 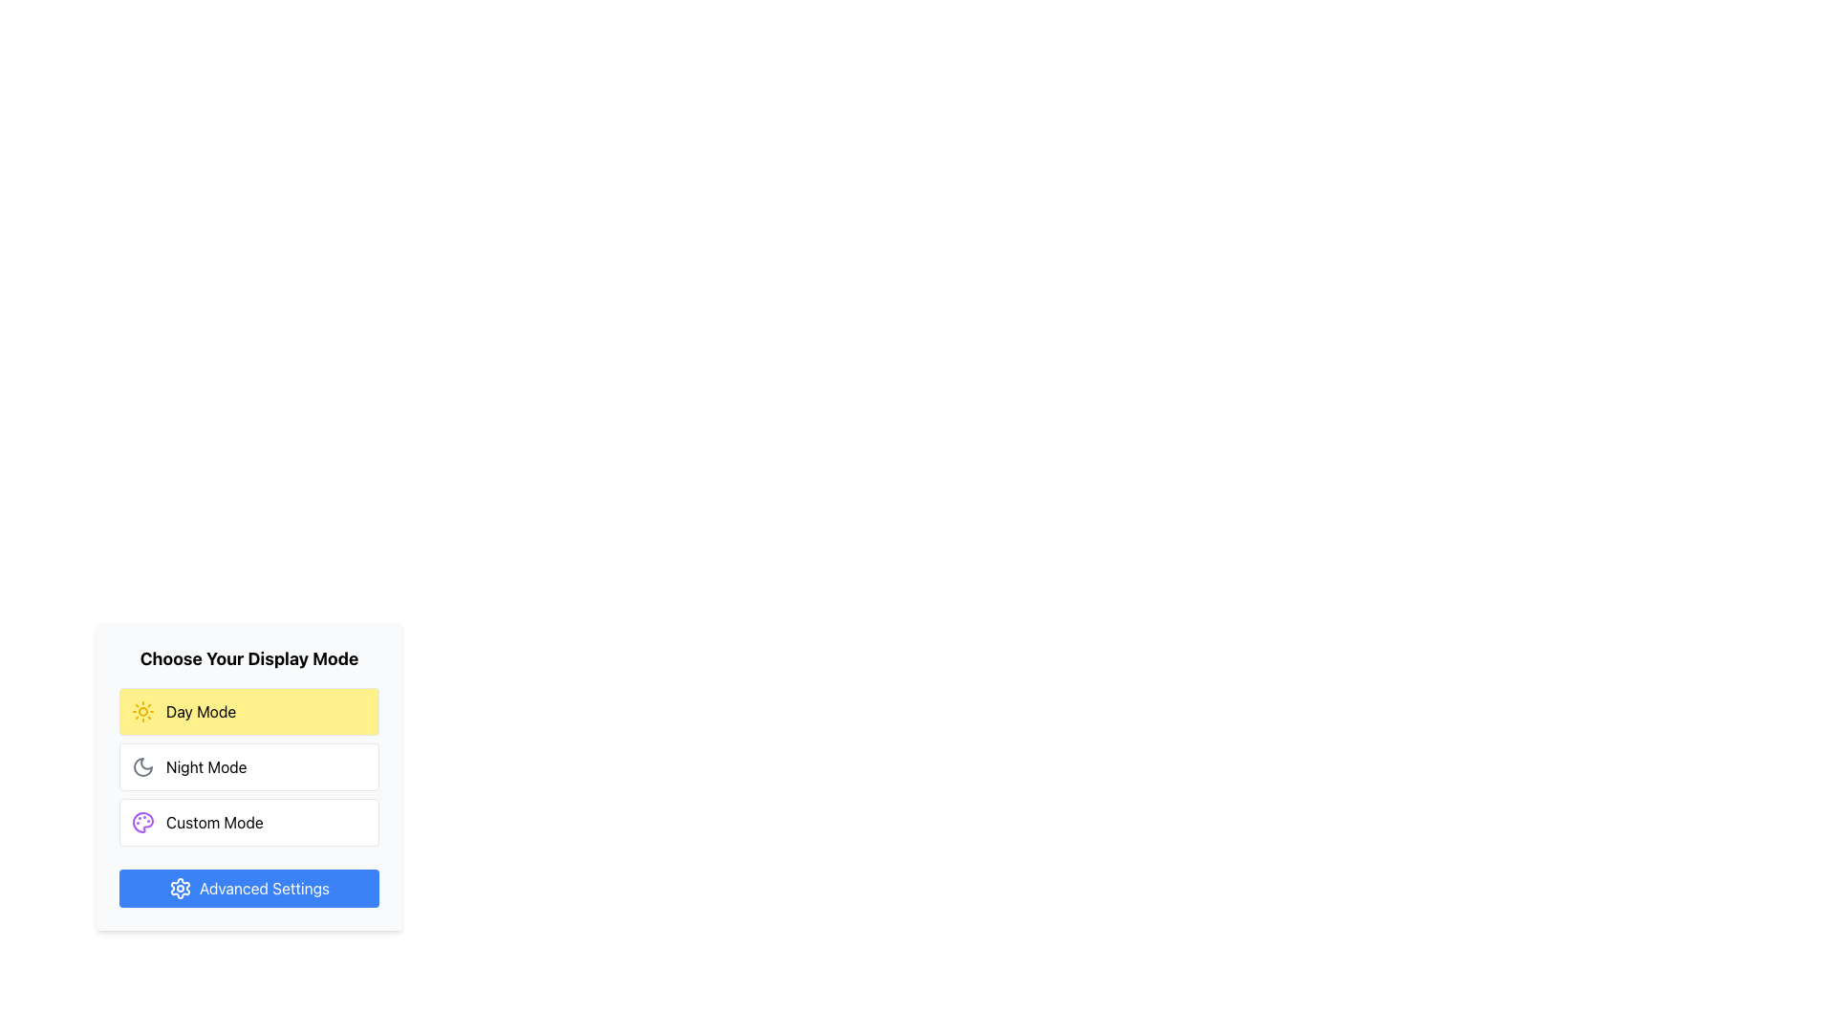 I want to click on the purple palette icon located to the left of the 'Custom Mode' label in the 'Choose Your Display Mode' options, so click(x=141, y=821).